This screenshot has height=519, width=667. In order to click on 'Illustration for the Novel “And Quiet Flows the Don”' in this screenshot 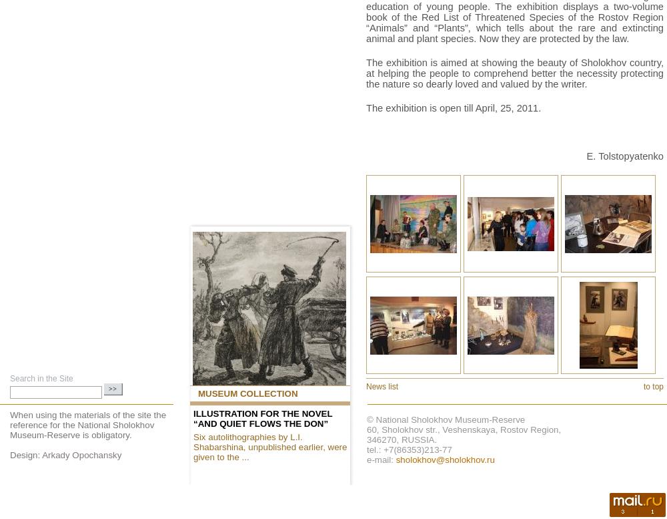, I will do `click(193, 417)`.